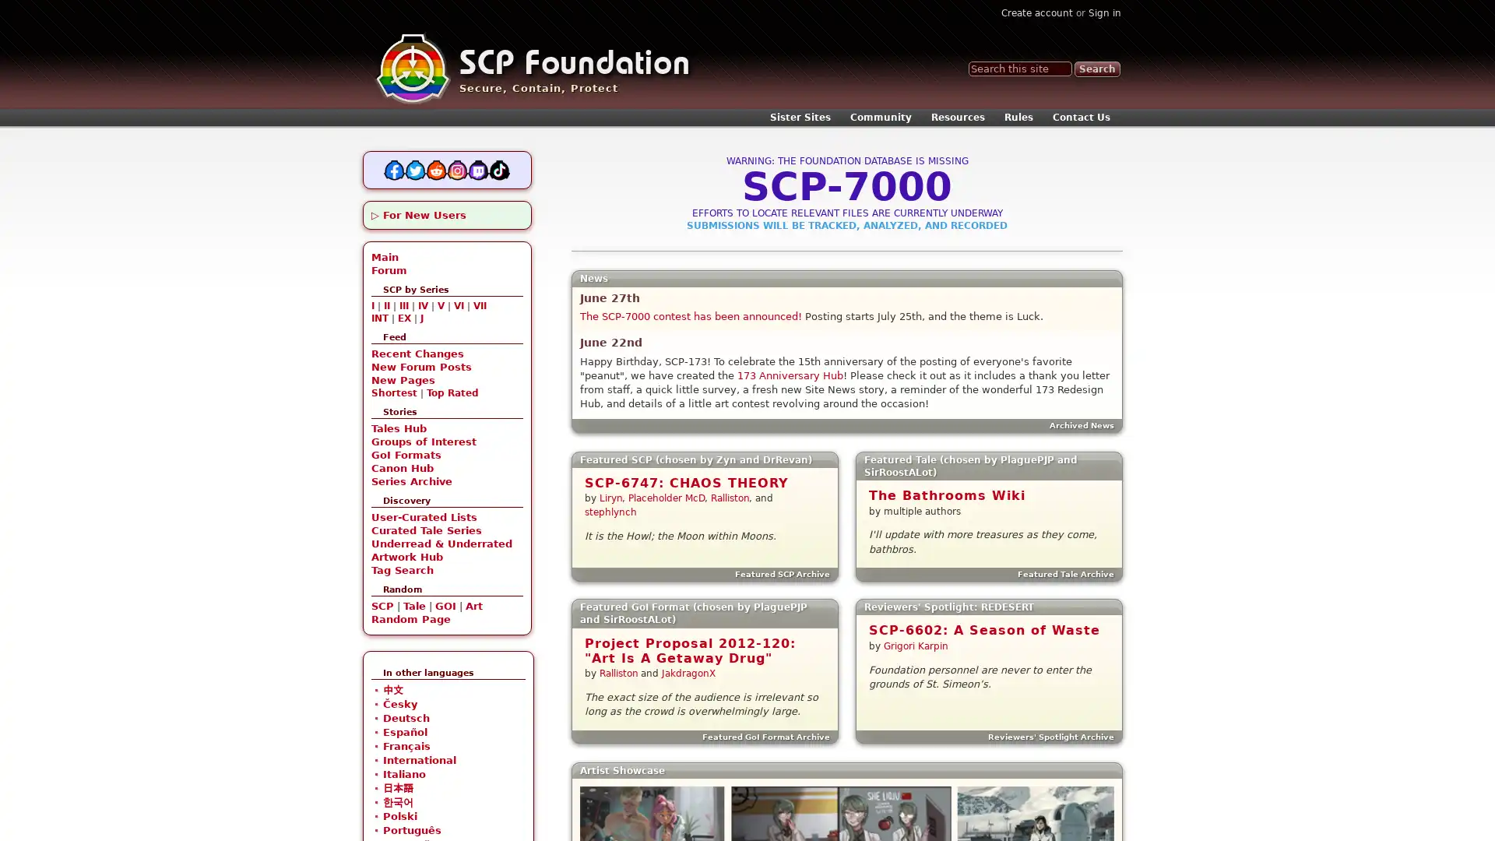 The width and height of the screenshot is (1495, 841). Describe the element at coordinates (1096, 68) in the screenshot. I see `Search` at that location.